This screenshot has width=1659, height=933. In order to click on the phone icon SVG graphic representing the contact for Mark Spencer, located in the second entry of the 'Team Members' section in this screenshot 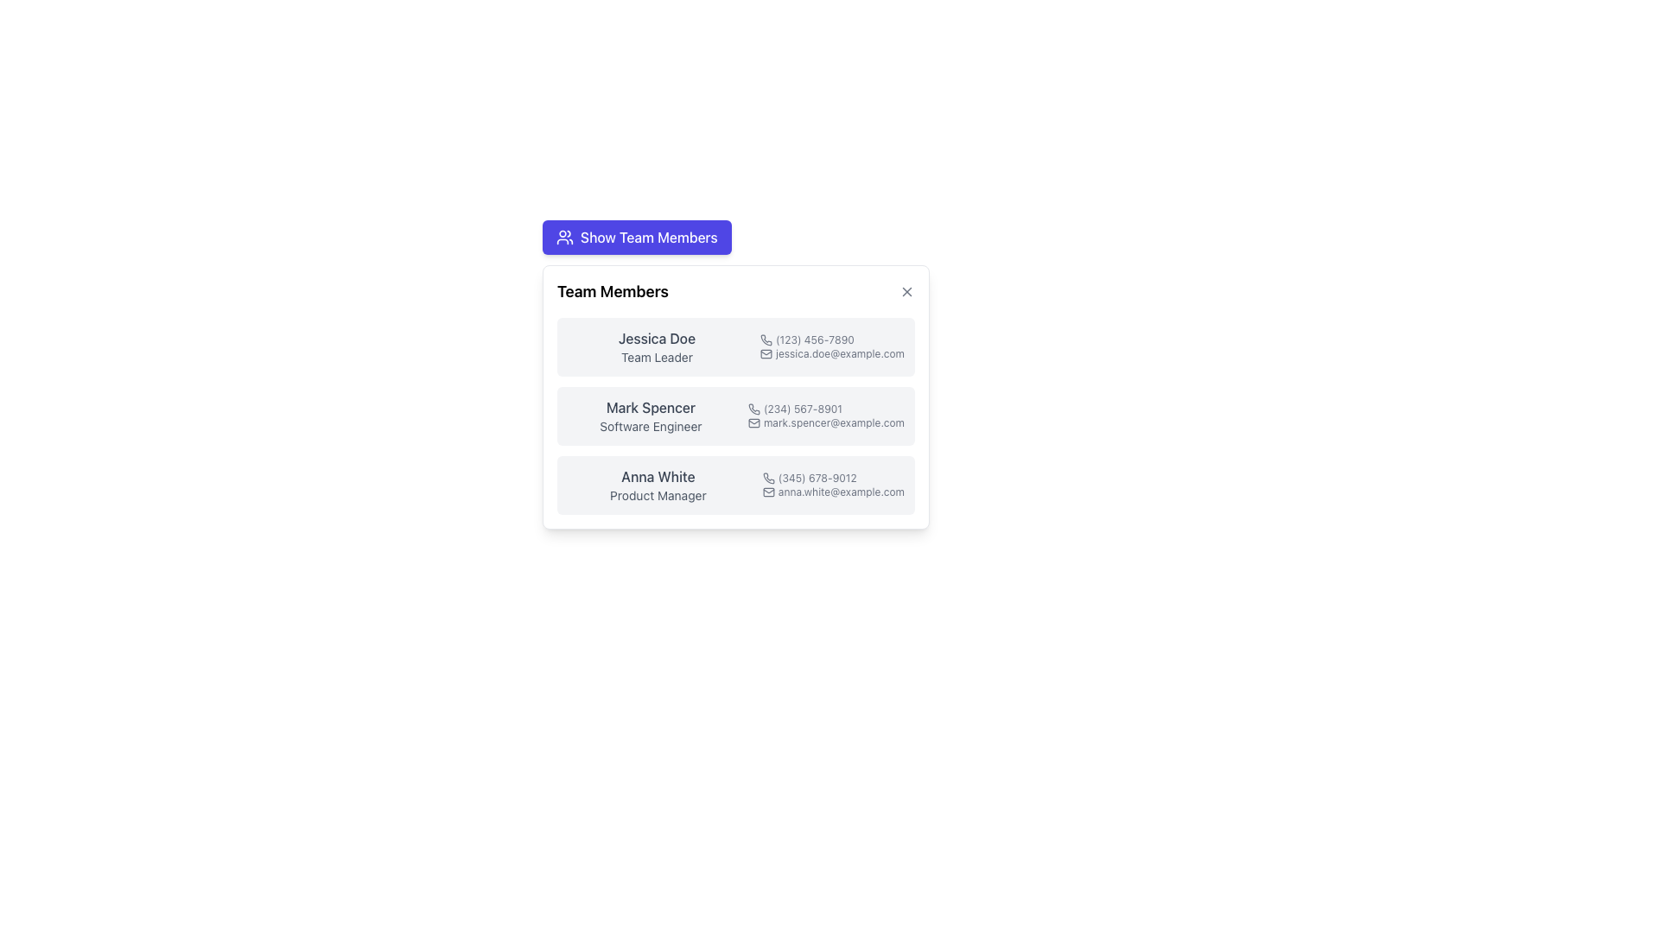, I will do `click(753, 409)`.